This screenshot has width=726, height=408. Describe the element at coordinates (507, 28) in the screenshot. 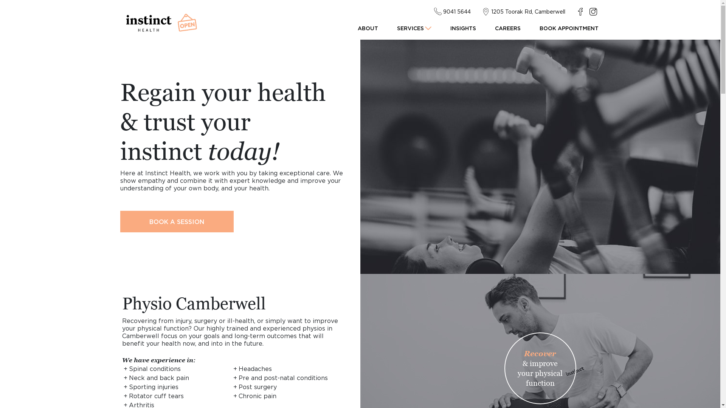

I see `'CAREERS'` at that location.